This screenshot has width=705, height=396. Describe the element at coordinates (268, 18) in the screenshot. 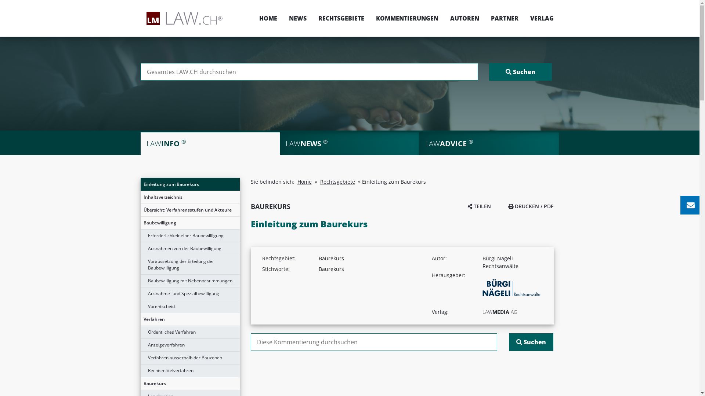

I see `'HOME'` at that location.